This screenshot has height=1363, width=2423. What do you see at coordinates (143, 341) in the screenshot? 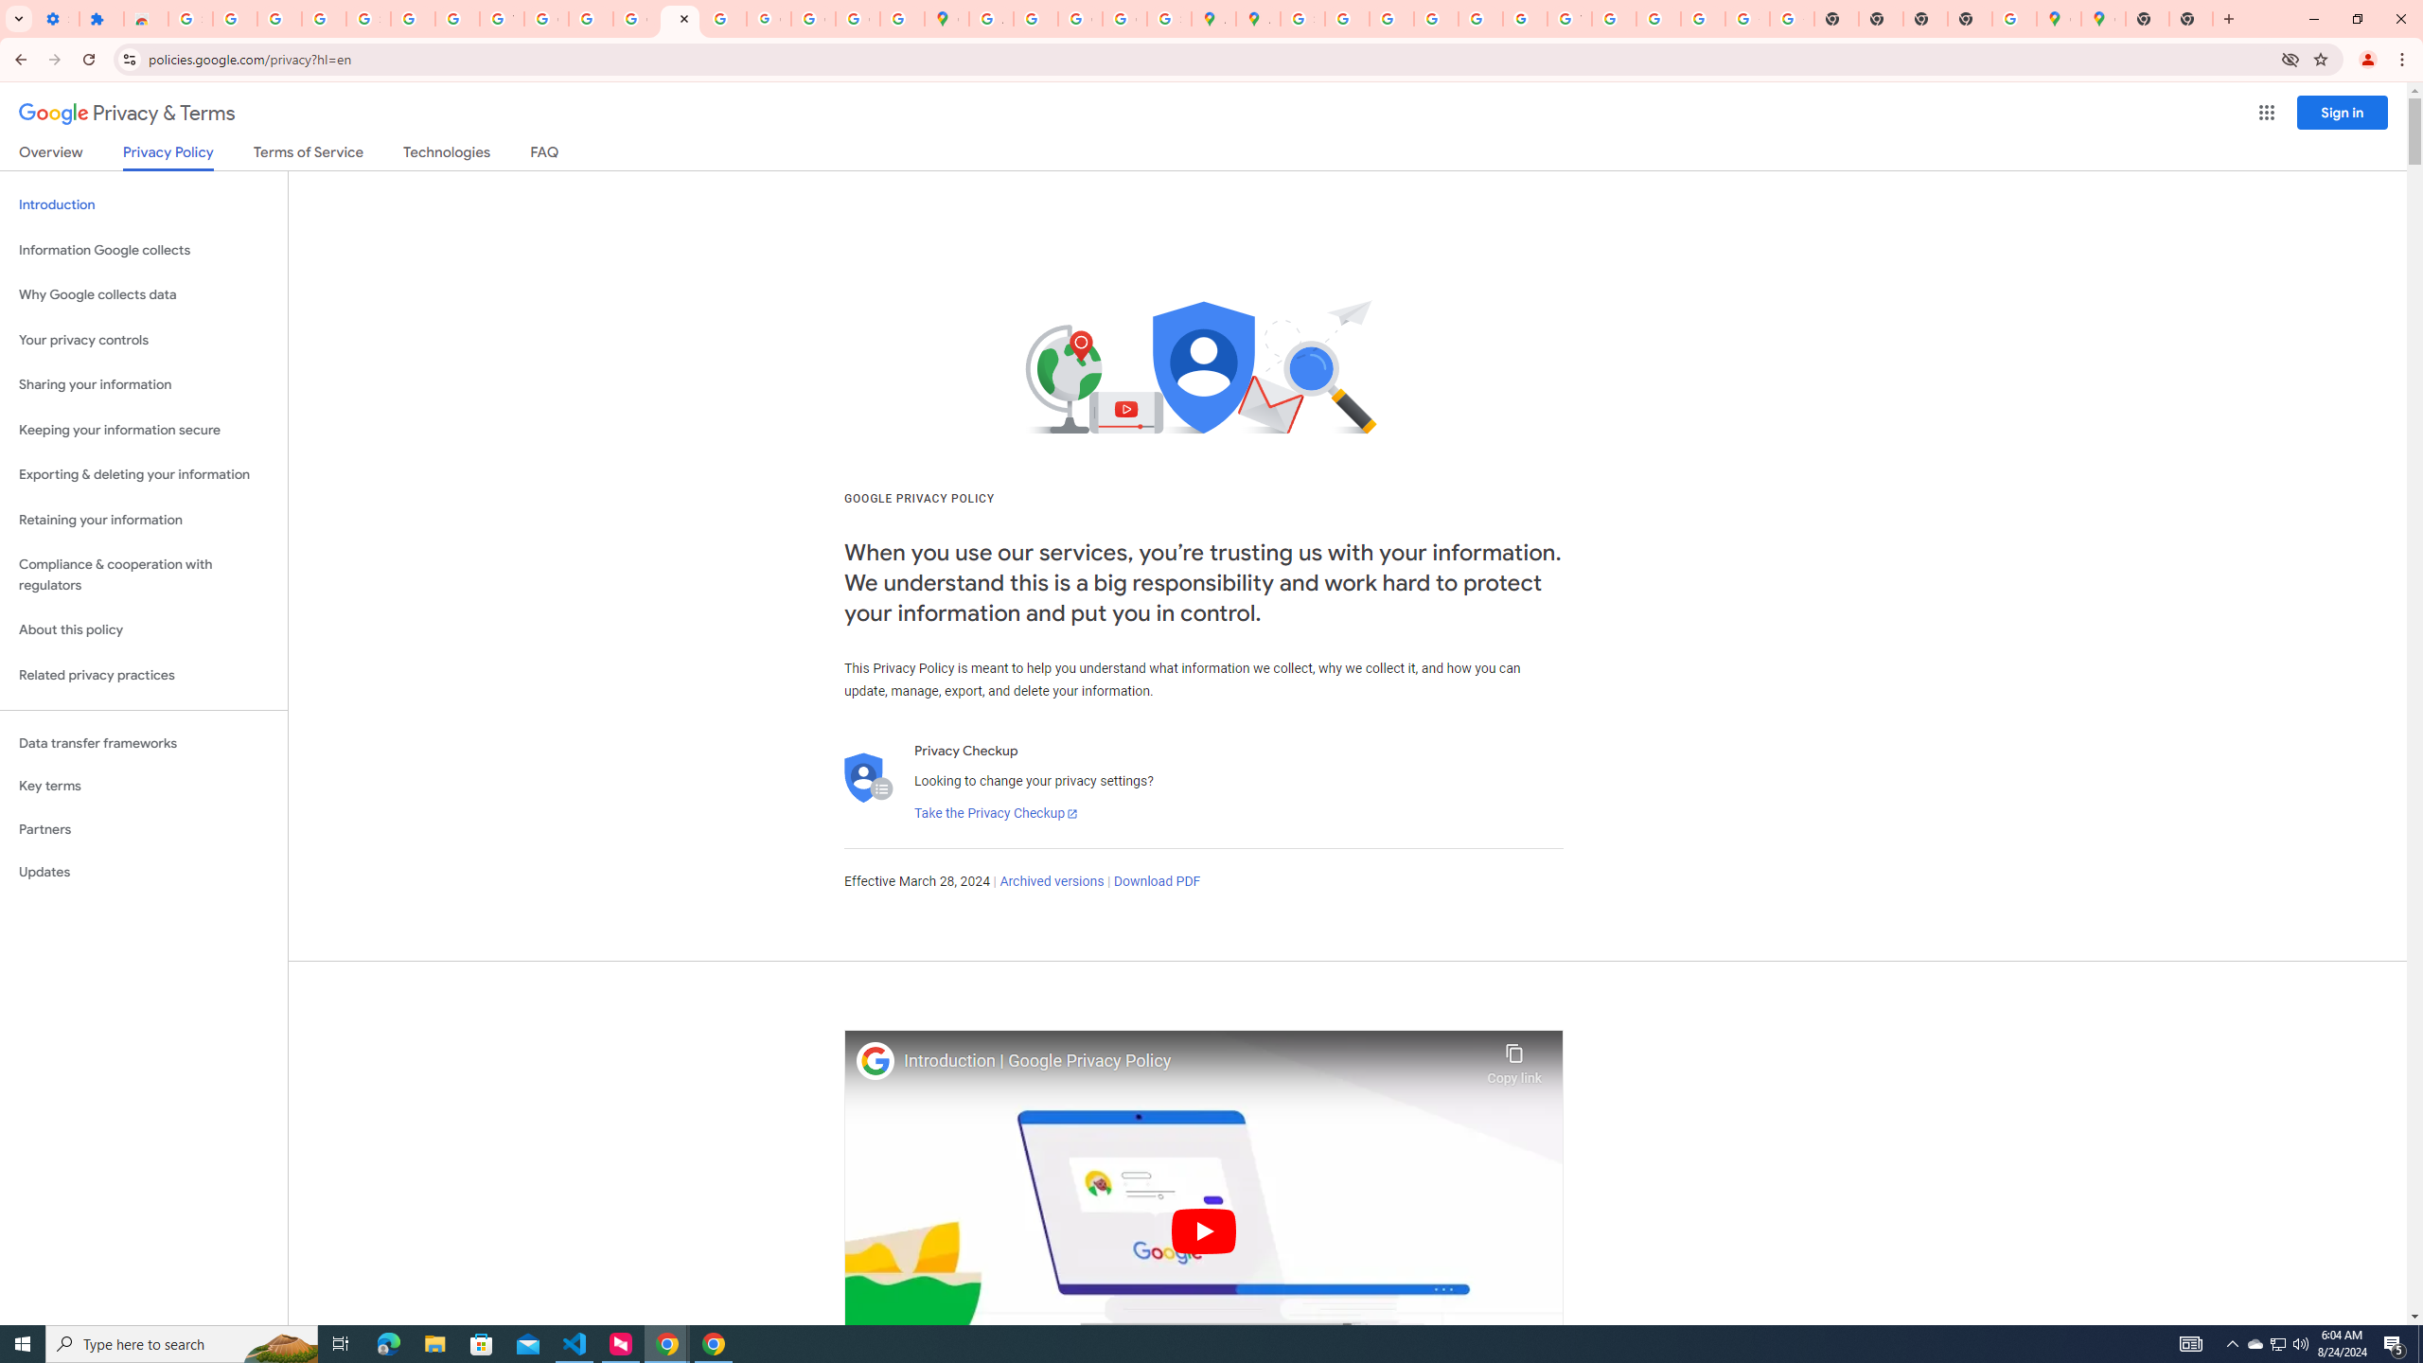
I see `'Your privacy controls'` at bounding box center [143, 341].